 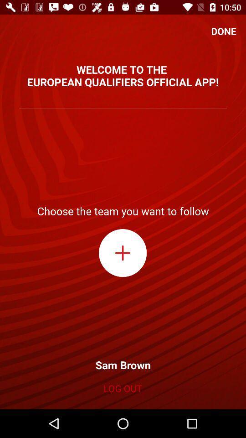 I want to click on icon at the top right corner, so click(x=223, y=31).